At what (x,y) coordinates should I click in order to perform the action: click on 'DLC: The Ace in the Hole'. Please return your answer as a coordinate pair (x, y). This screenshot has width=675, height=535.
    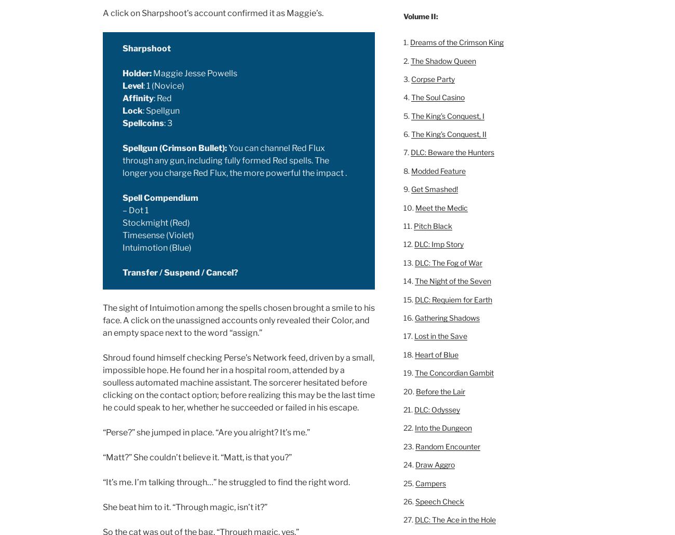
    Looking at the image, I should click on (454, 519).